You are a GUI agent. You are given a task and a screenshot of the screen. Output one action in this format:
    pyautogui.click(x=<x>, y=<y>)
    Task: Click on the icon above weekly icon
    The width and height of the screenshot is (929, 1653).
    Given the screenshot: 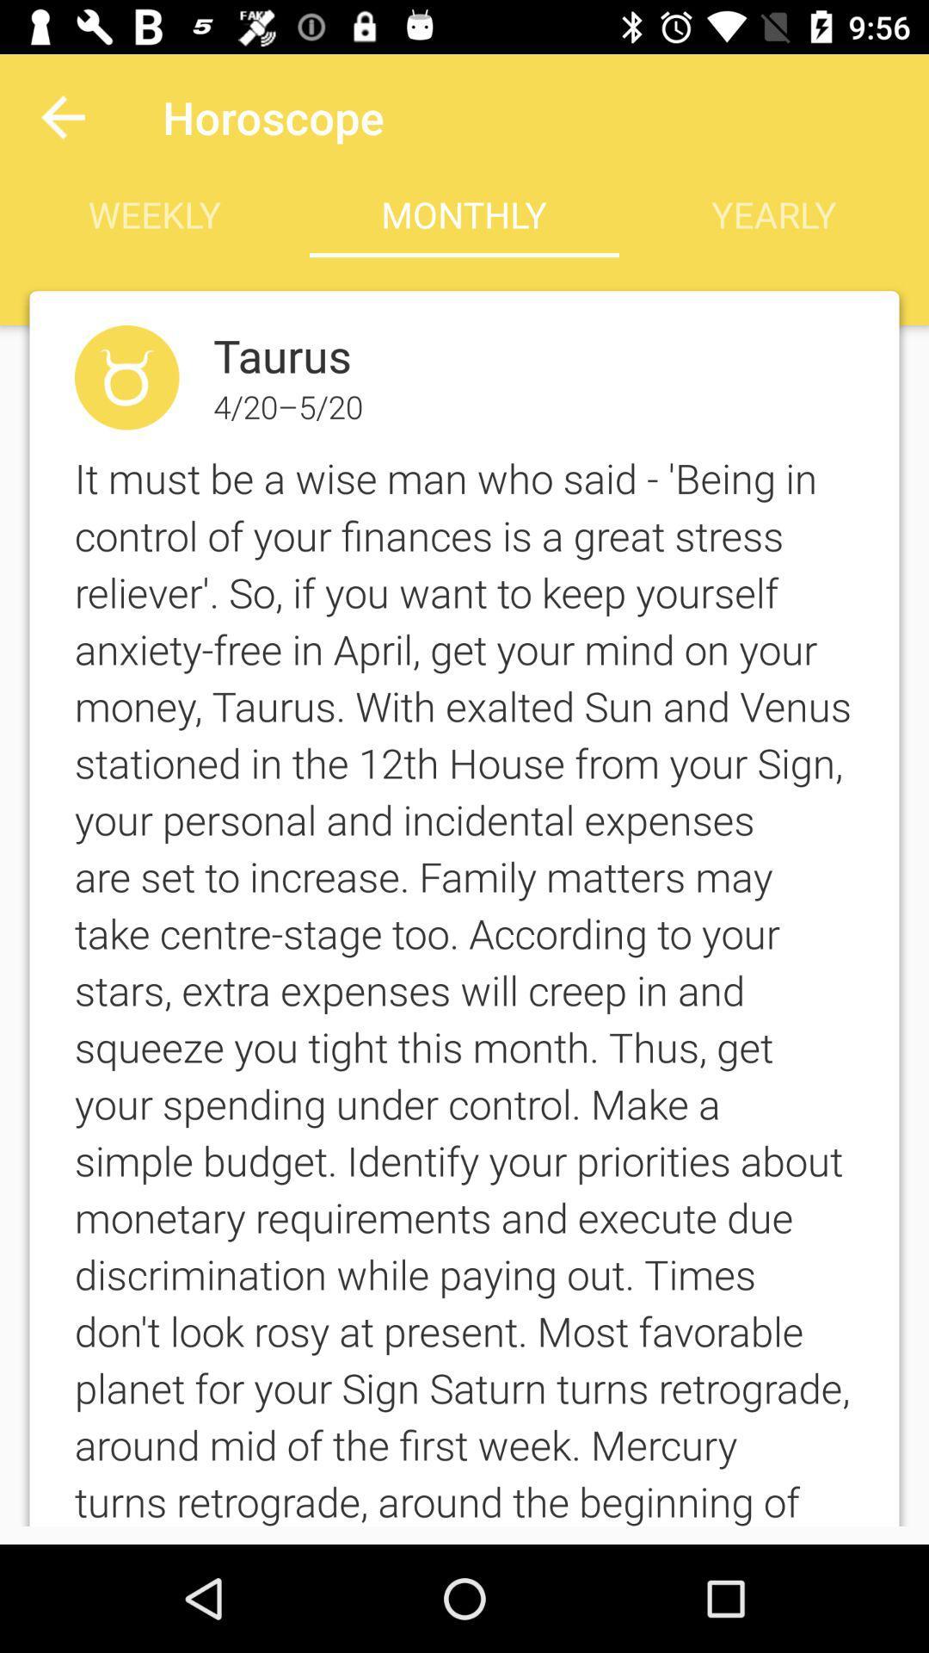 What is the action you would take?
    pyautogui.click(x=62, y=116)
    